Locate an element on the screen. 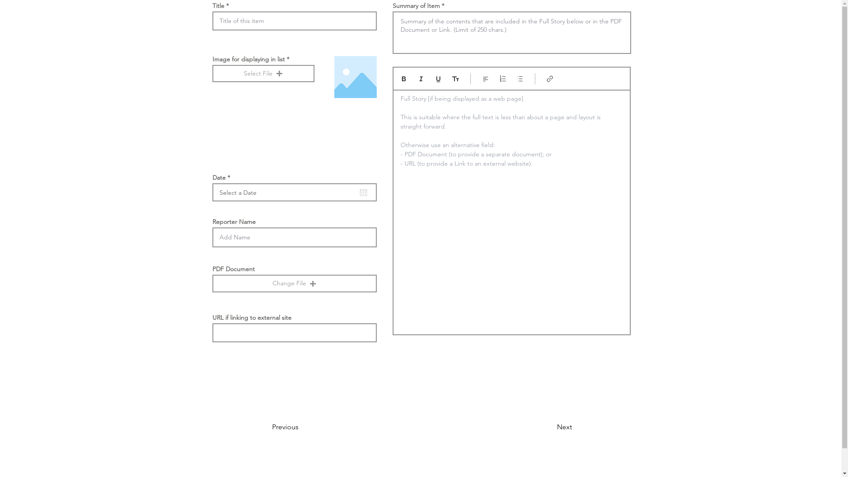  'Previous' is located at coordinates (271, 427).